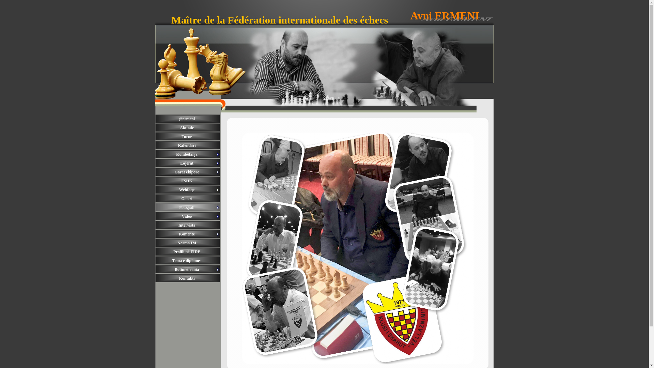 Image resolution: width=654 pixels, height=368 pixels. What do you see at coordinates (188, 127) in the screenshot?
I see `'Aktuale'` at bounding box center [188, 127].